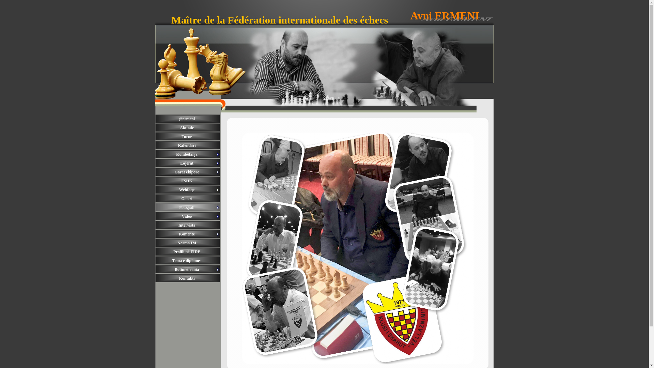 Image resolution: width=654 pixels, height=368 pixels. What do you see at coordinates (188, 127) in the screenshot?
I see `'Aktuale'` at bounding box center [188, 127].